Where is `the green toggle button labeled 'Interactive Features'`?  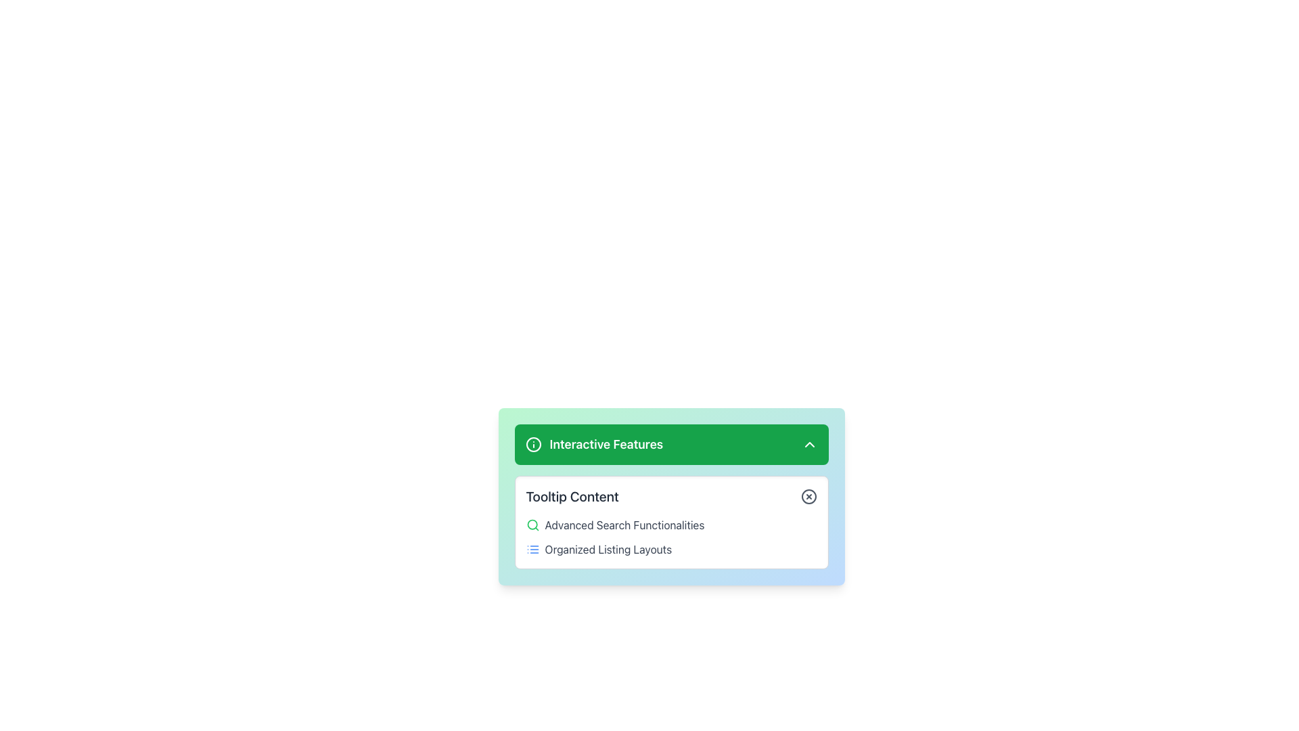
the green toggle button labeled 'Interactive Features' is located at coordinates (671, 444).